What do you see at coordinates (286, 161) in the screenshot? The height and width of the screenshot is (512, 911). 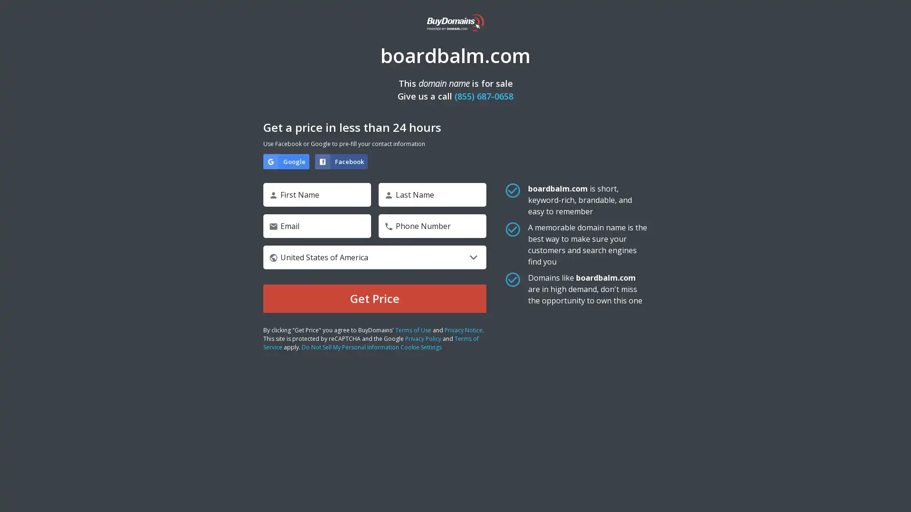 I see `Google` at bounding box center [286, 161].